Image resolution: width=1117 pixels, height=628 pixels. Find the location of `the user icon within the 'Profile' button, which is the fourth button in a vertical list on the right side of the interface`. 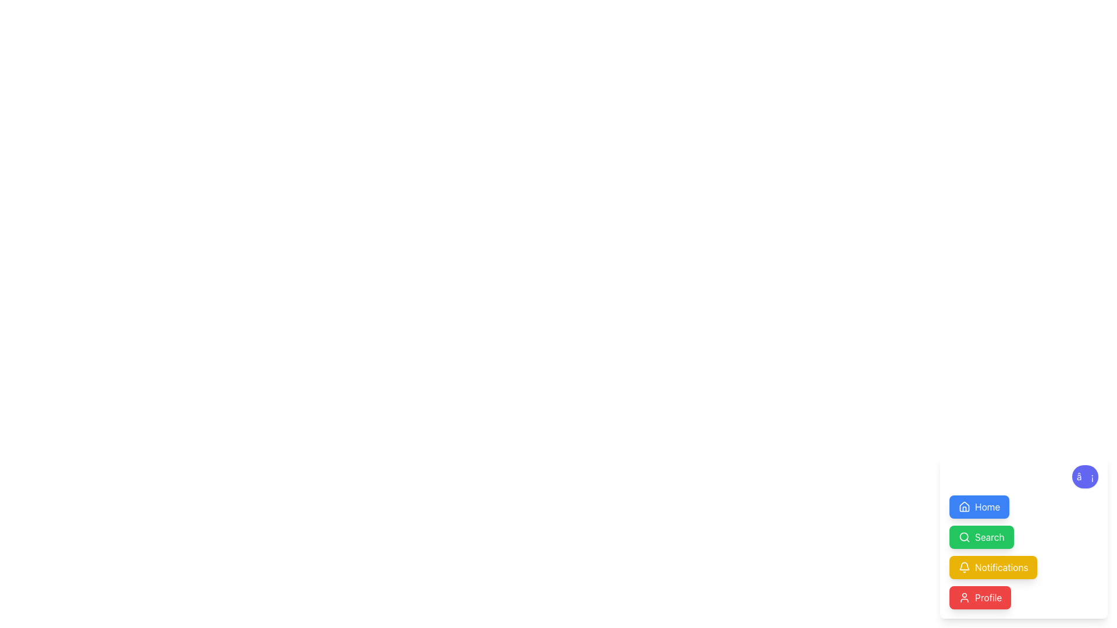

the user icon within the 'Profile' button, which is the fourth button in a vertical list on the right side of the interface is located at coordinates (964, 598).